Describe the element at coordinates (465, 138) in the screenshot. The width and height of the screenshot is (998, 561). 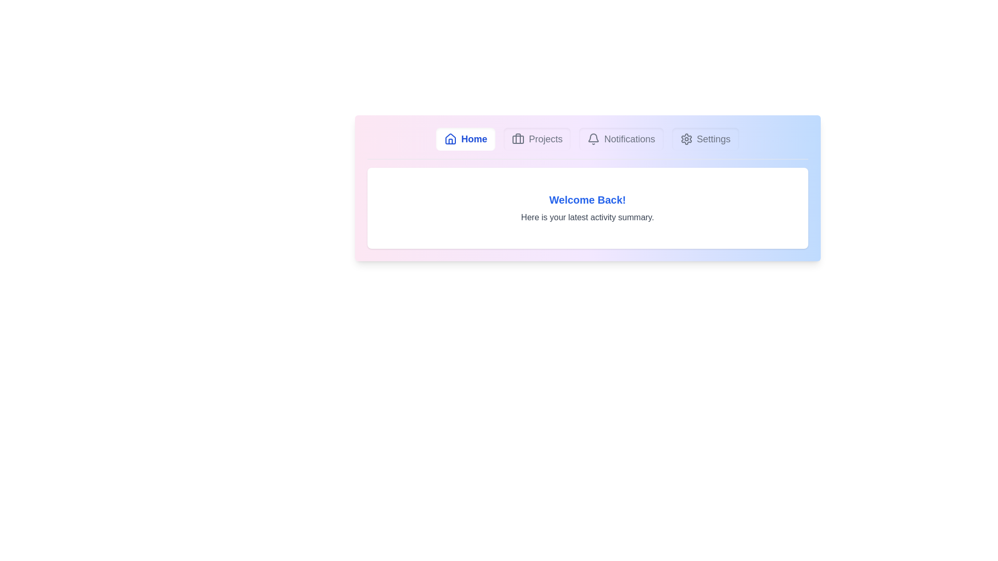
I see `the Home tab` at that location.